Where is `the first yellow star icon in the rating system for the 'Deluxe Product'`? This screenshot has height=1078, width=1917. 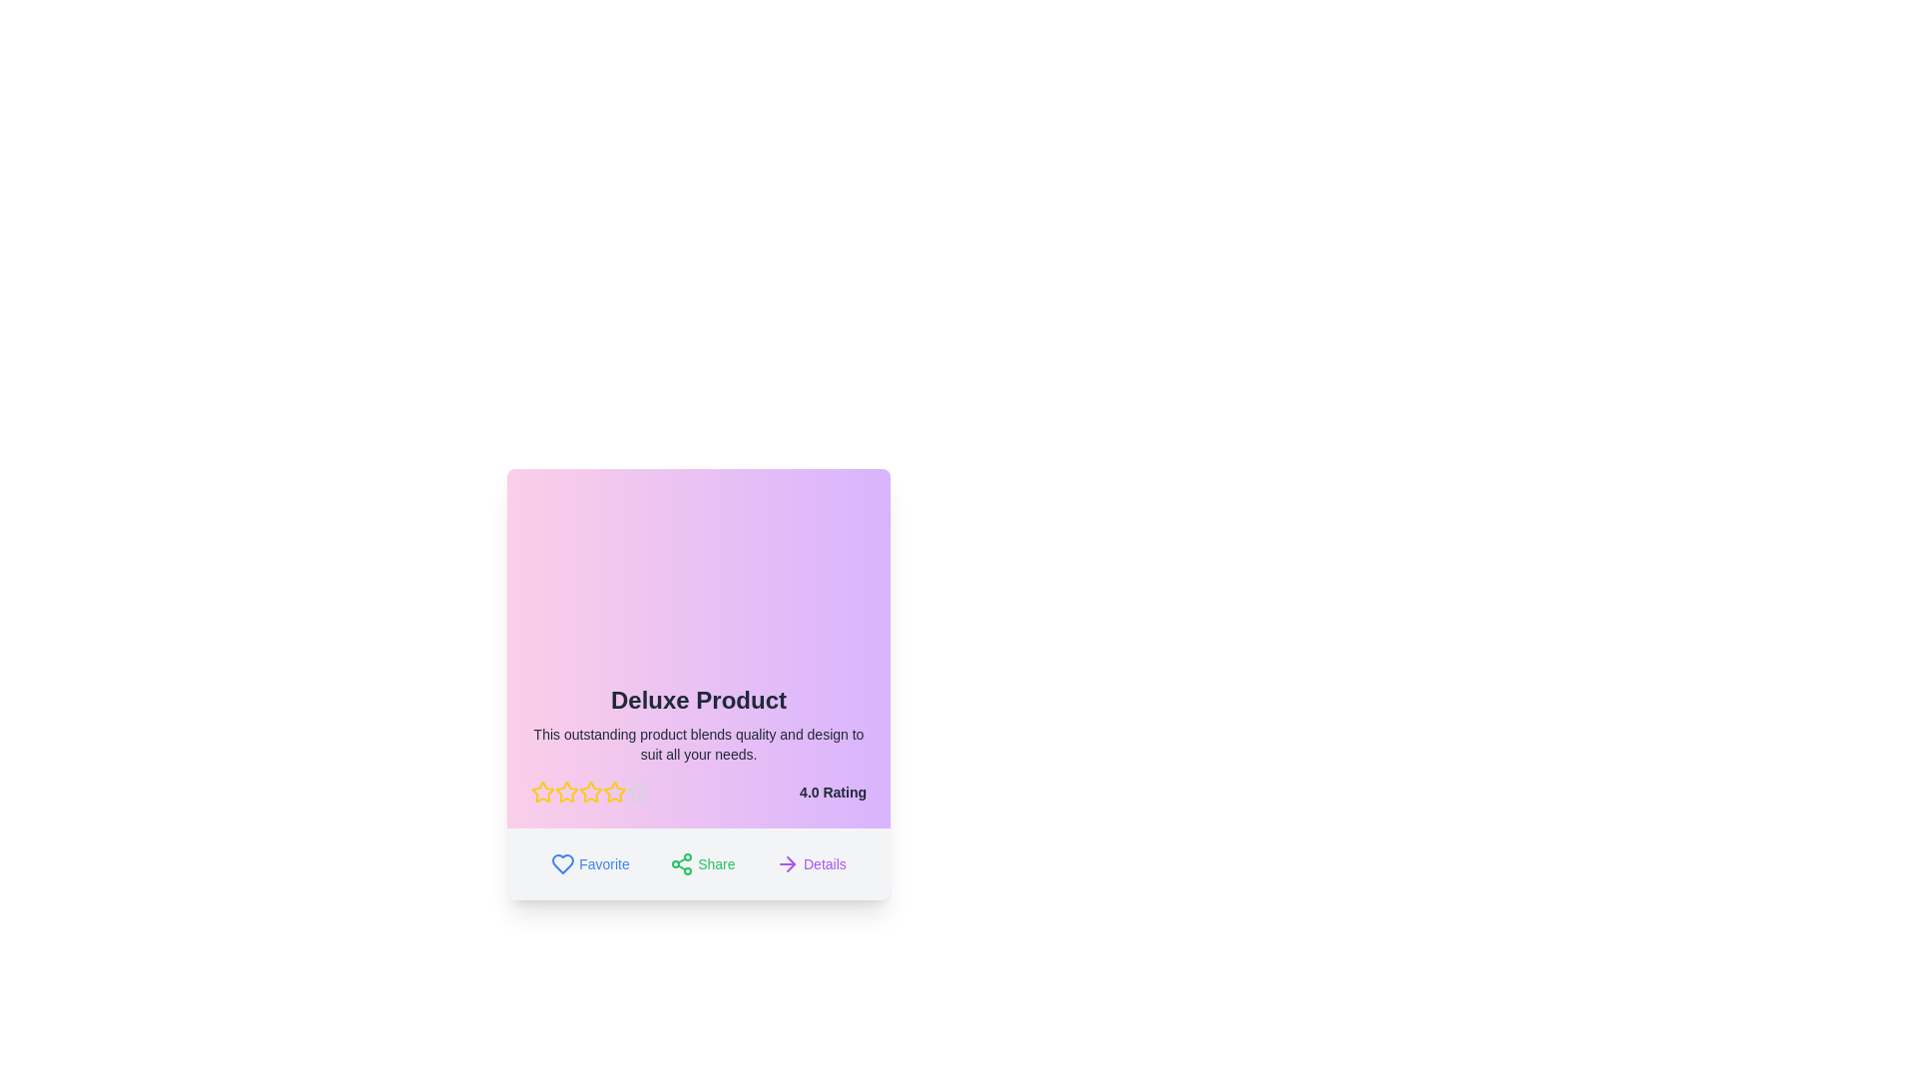 the first yellow star icon in the rating system for the 'Deluxe Product' is located at coordinates (542, 792).